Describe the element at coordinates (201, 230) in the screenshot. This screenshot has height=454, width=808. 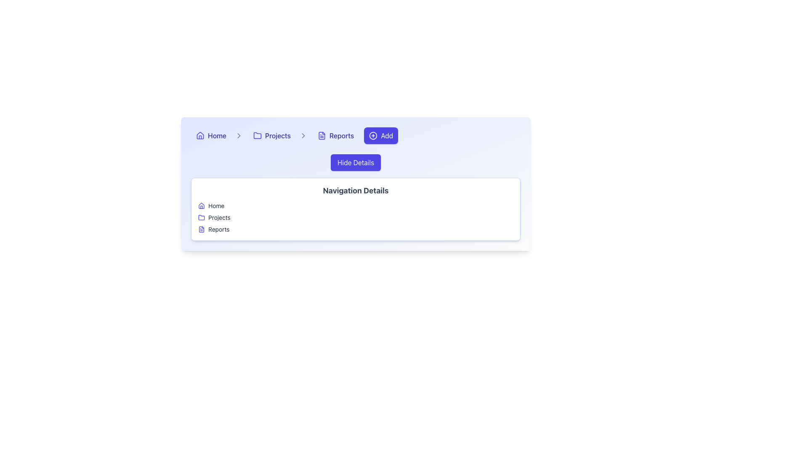
I see `the 'Reports' icon` at that location.